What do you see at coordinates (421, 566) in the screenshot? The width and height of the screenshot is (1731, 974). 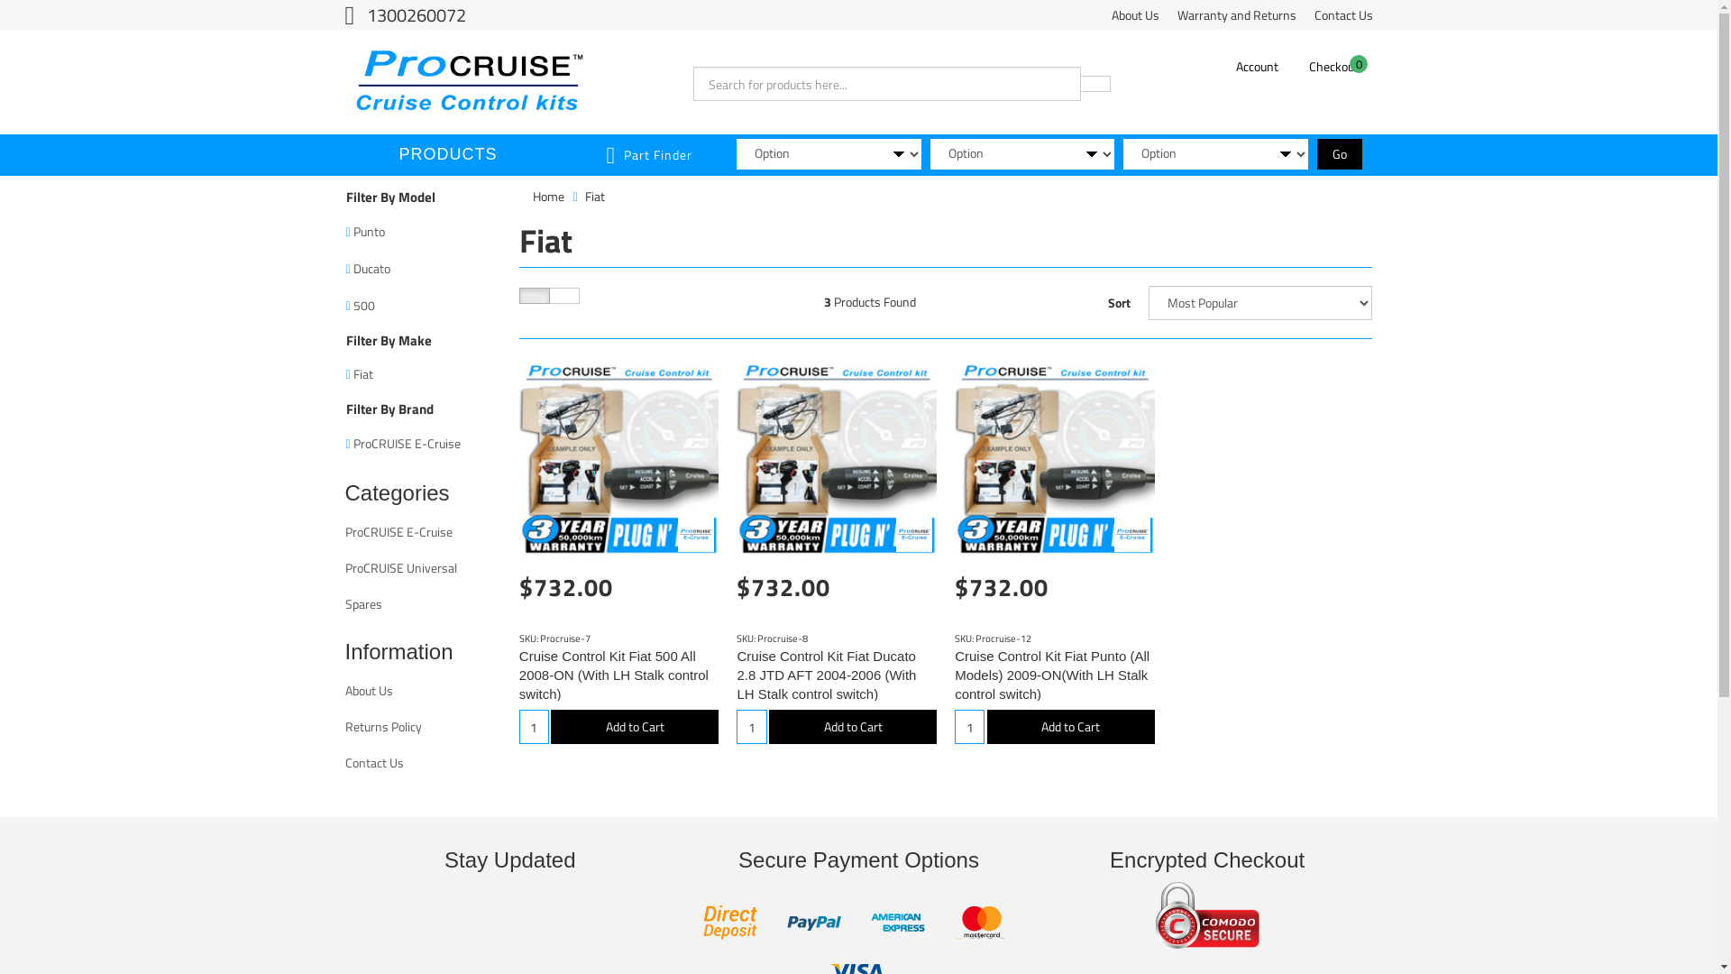 I see `'ProCRUISE Universal'` at bounding box center [421, 566].